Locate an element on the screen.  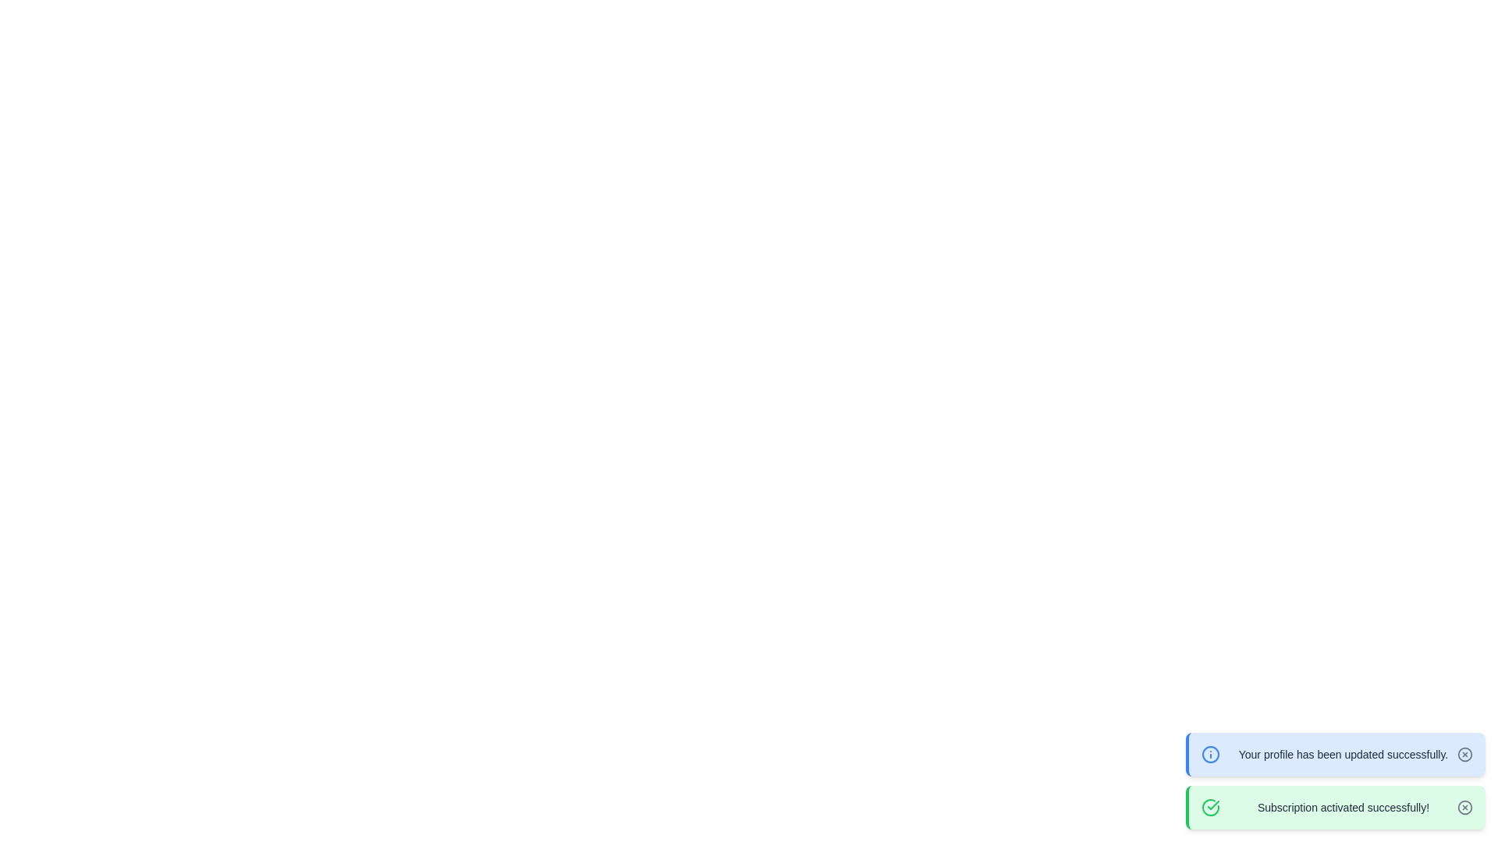
the 'X' icon on the notification banner with a light blue background that says 'Your profile has been updated successfully.' is located at coordinates (1335, 754).